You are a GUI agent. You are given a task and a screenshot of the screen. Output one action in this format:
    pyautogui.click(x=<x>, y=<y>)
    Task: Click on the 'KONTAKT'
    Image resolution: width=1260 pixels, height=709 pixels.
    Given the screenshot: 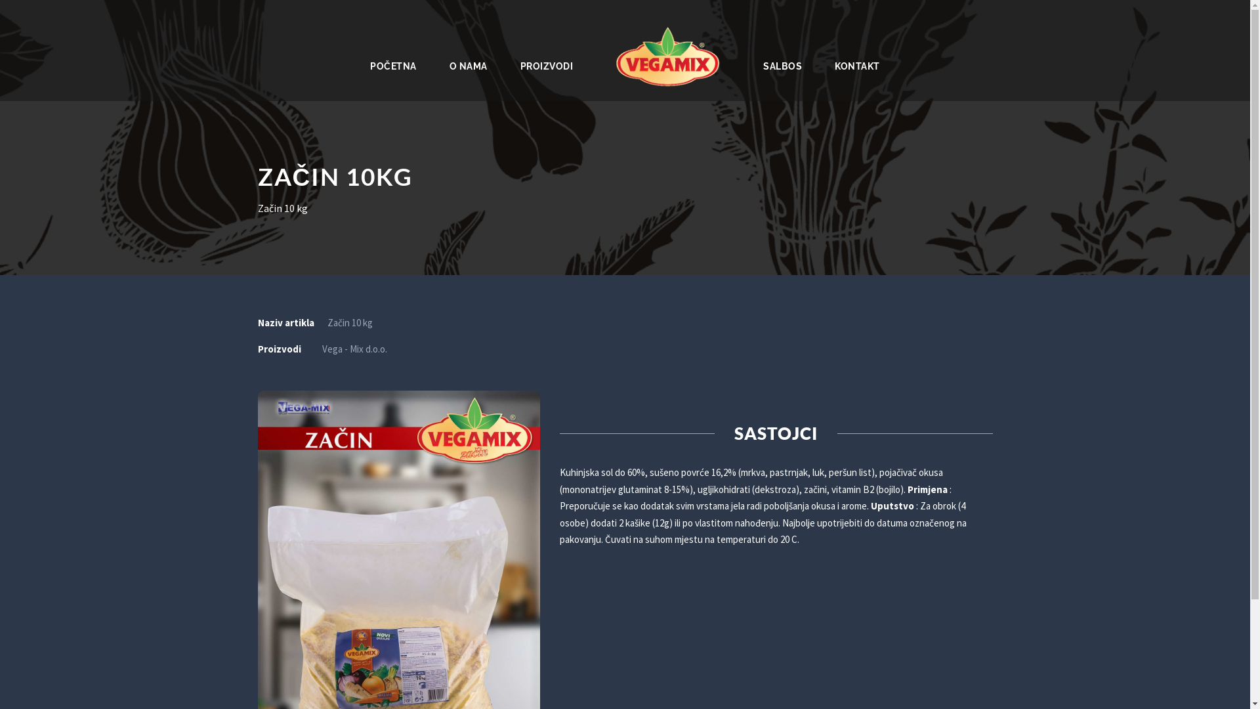 What is the action you would take?
    pyautogui.click(x=857, y=63)
    